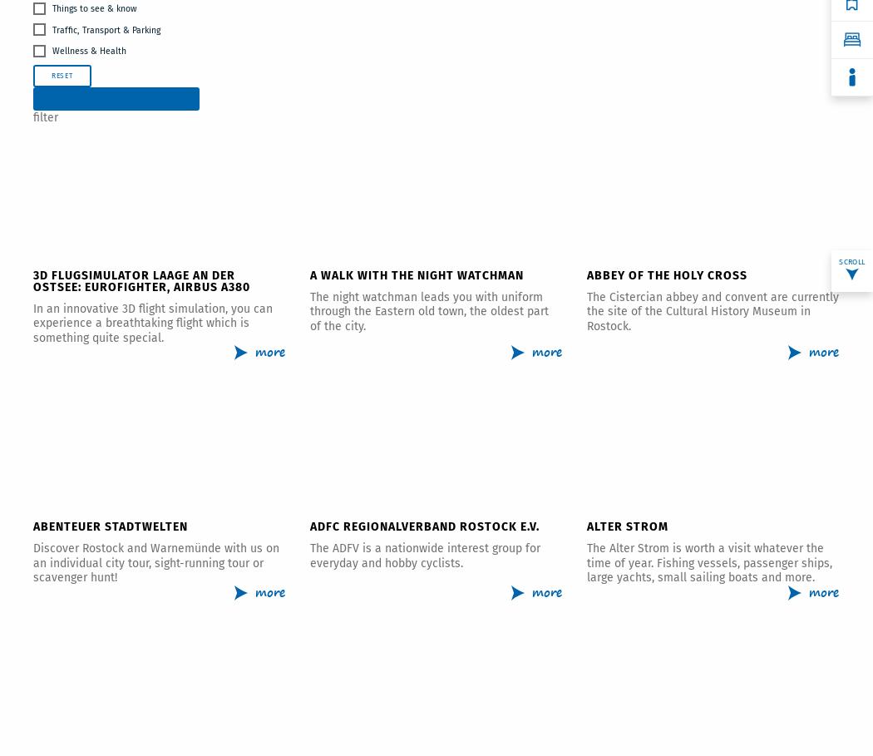  What do you see at coordinates (767, 36) in the screenshot?
I see `'Accommodations'` at bounding box center [767, 36].